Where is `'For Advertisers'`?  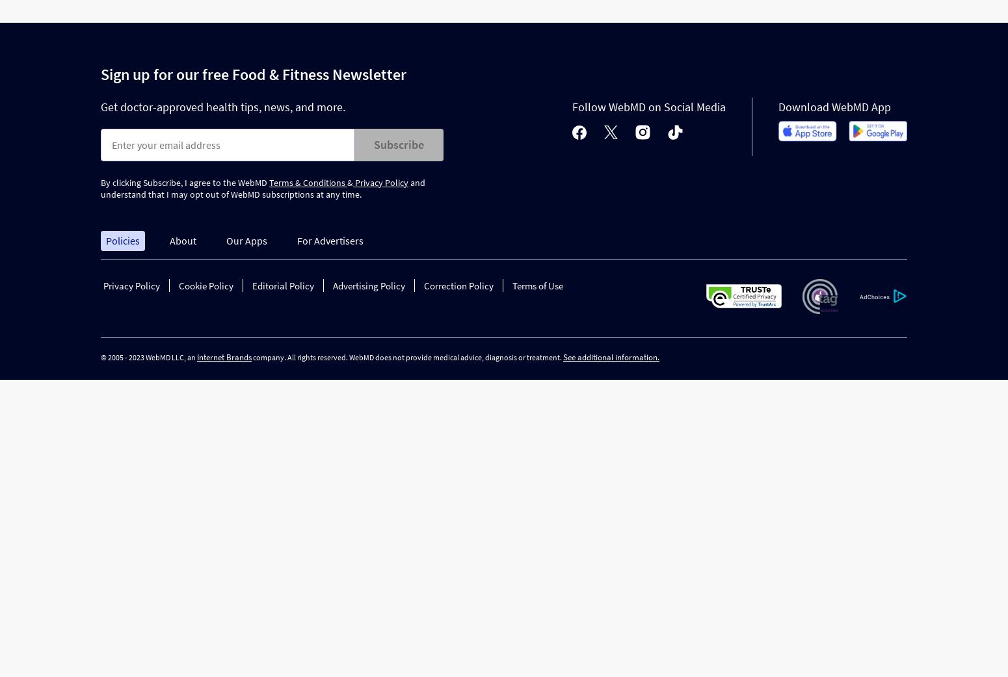 'For Advertisers' is located at coordinates (329, 240).